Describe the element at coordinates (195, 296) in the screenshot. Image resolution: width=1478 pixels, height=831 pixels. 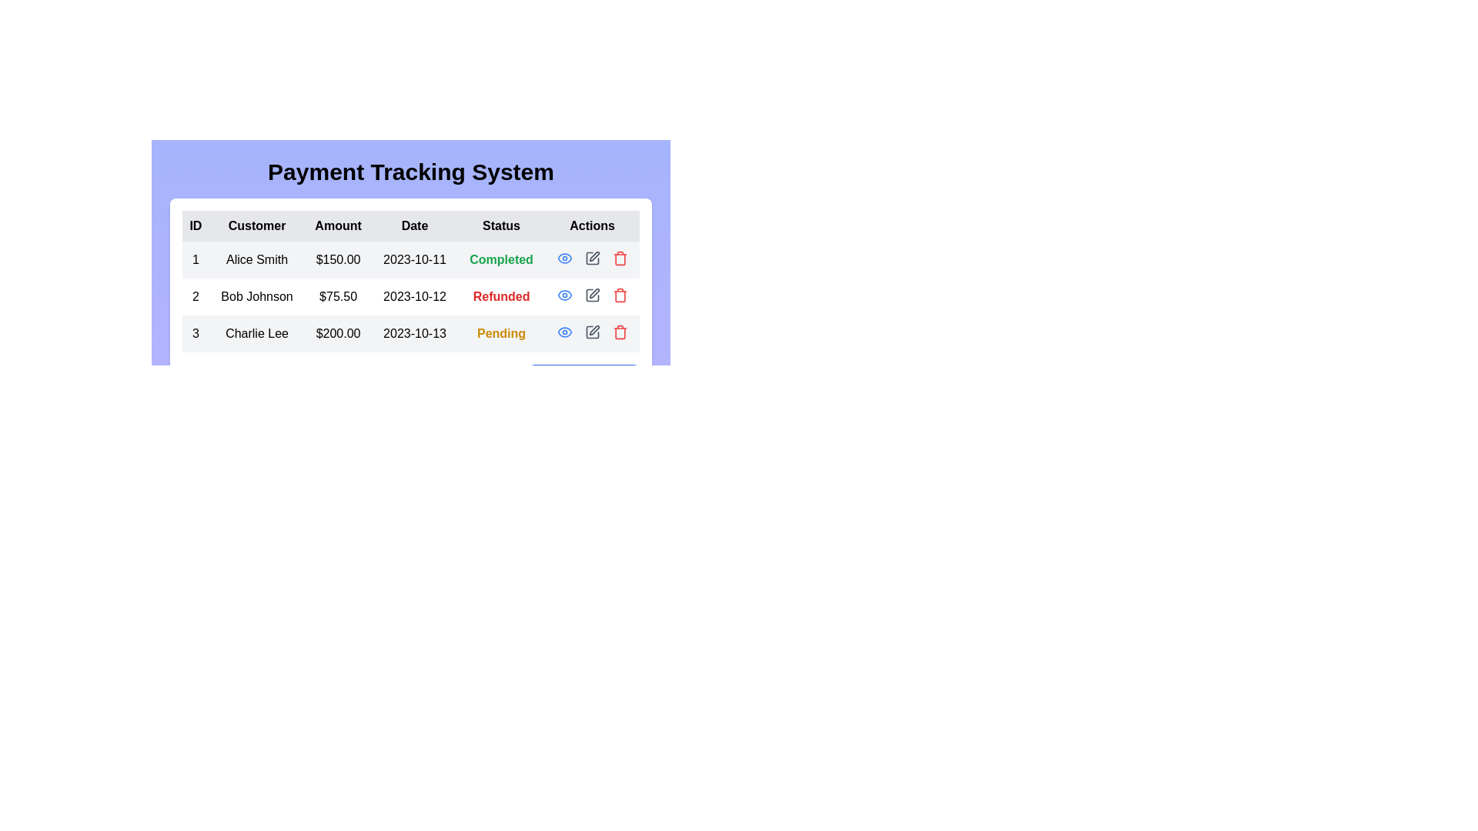
I see `text label that serves as a unique identifier for a specific record in the table, located at the start of the row under the 'ID' column header` at that location.